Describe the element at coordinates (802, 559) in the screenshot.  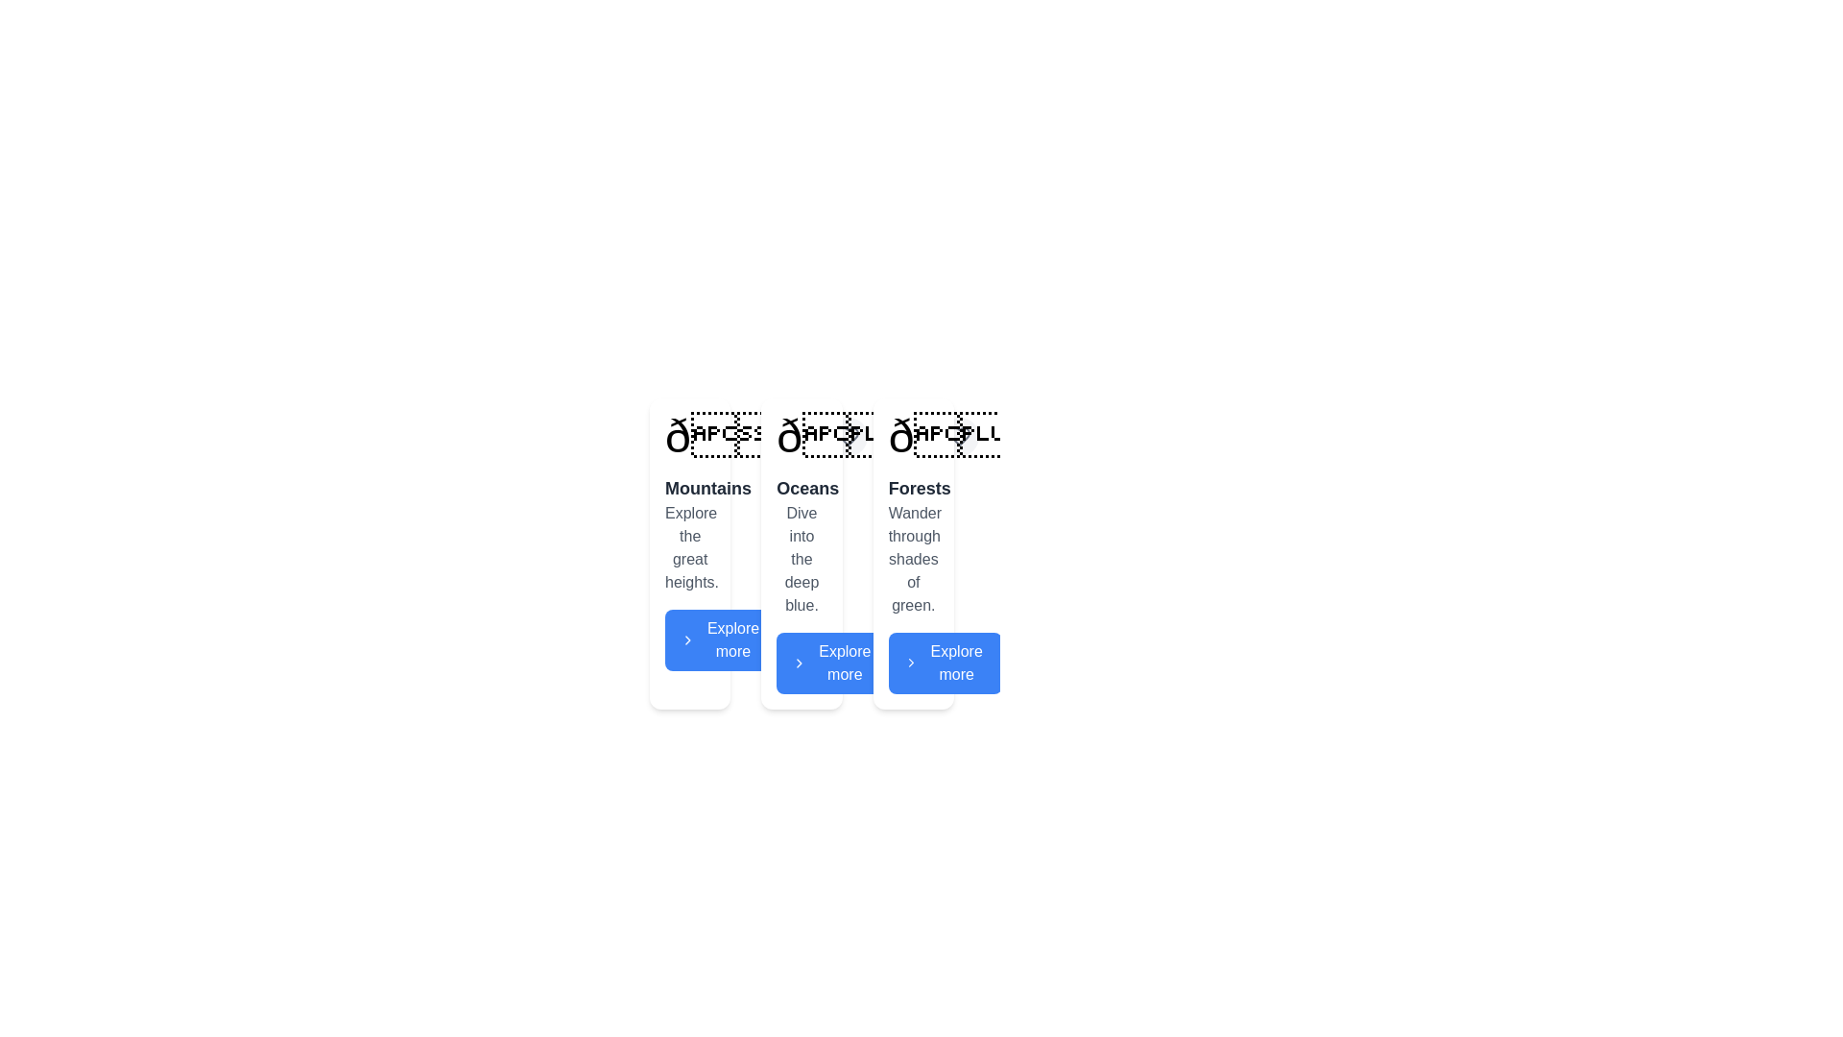
I see `the Text Block that provides descriptive content related to the 'Oceans' theme, located in the center column of a three-card layout, below the header 'Oceans' and above the button labeled 'Explore more'` at that location.